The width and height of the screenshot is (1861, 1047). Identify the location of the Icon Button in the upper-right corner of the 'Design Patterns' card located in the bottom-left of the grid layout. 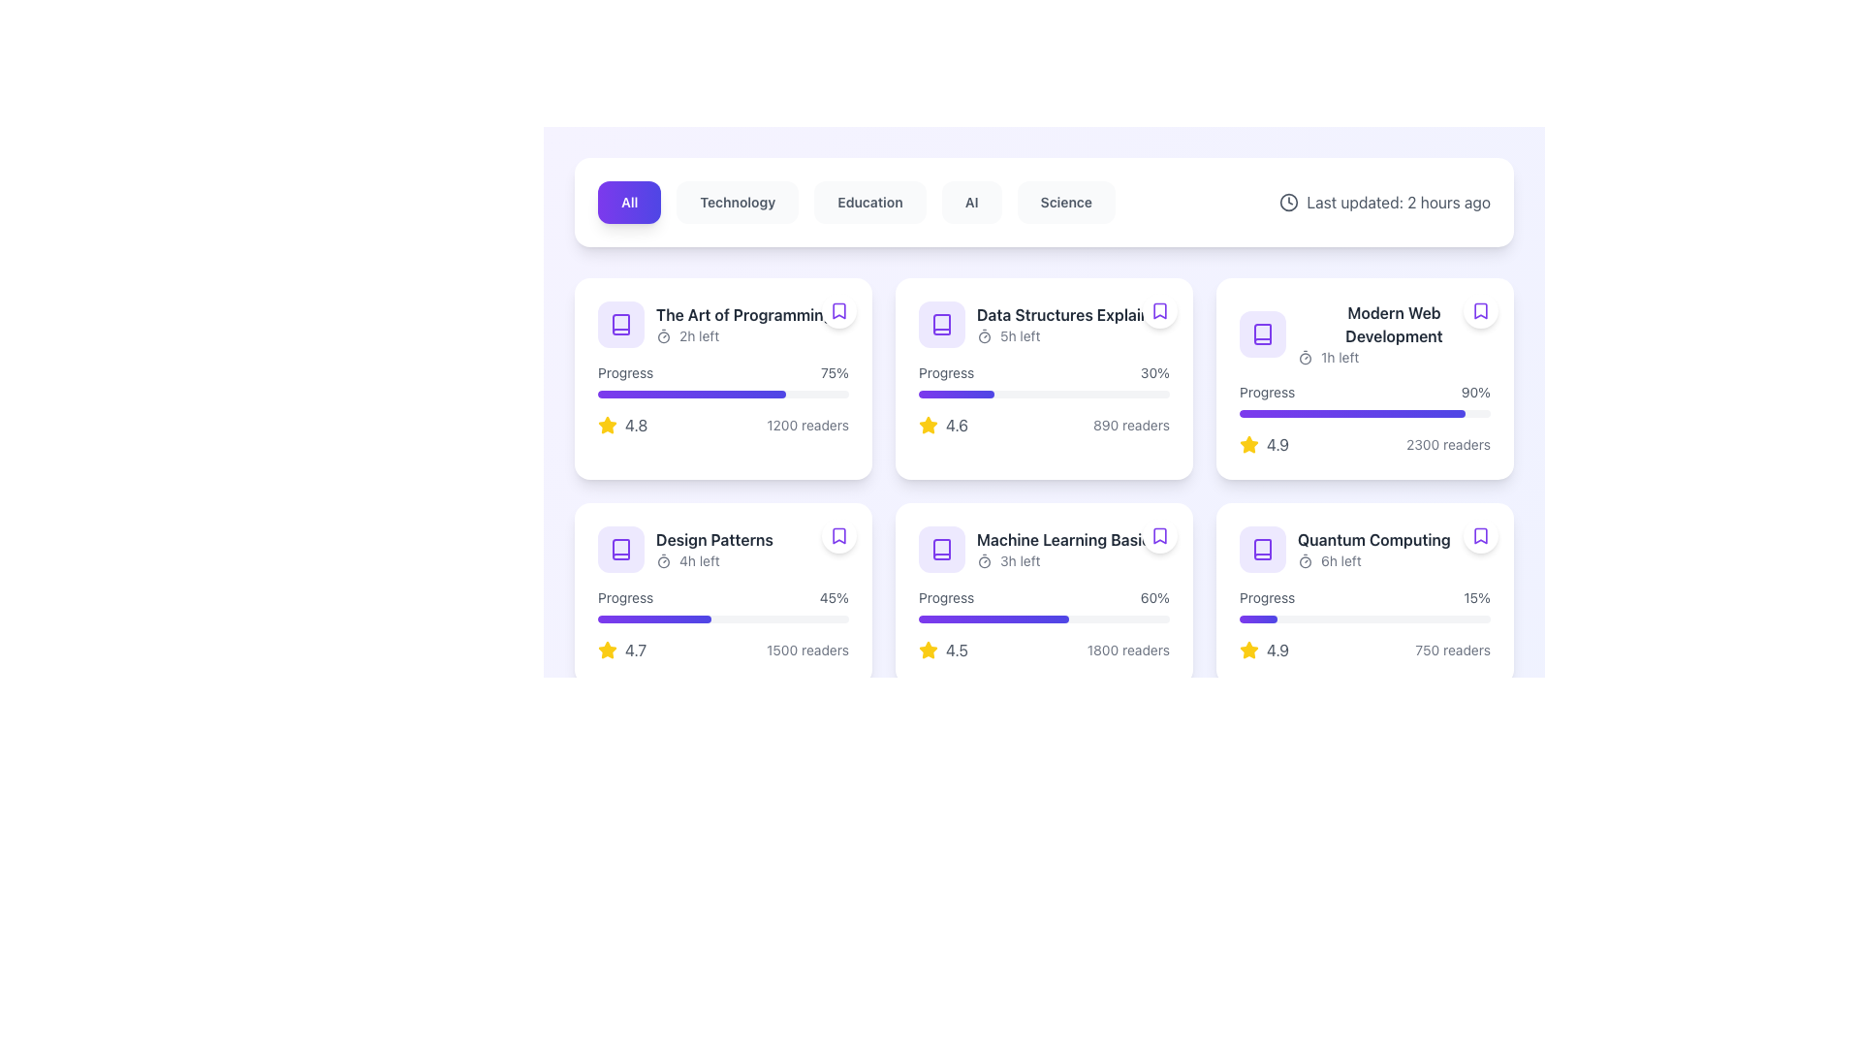
(838, 535).